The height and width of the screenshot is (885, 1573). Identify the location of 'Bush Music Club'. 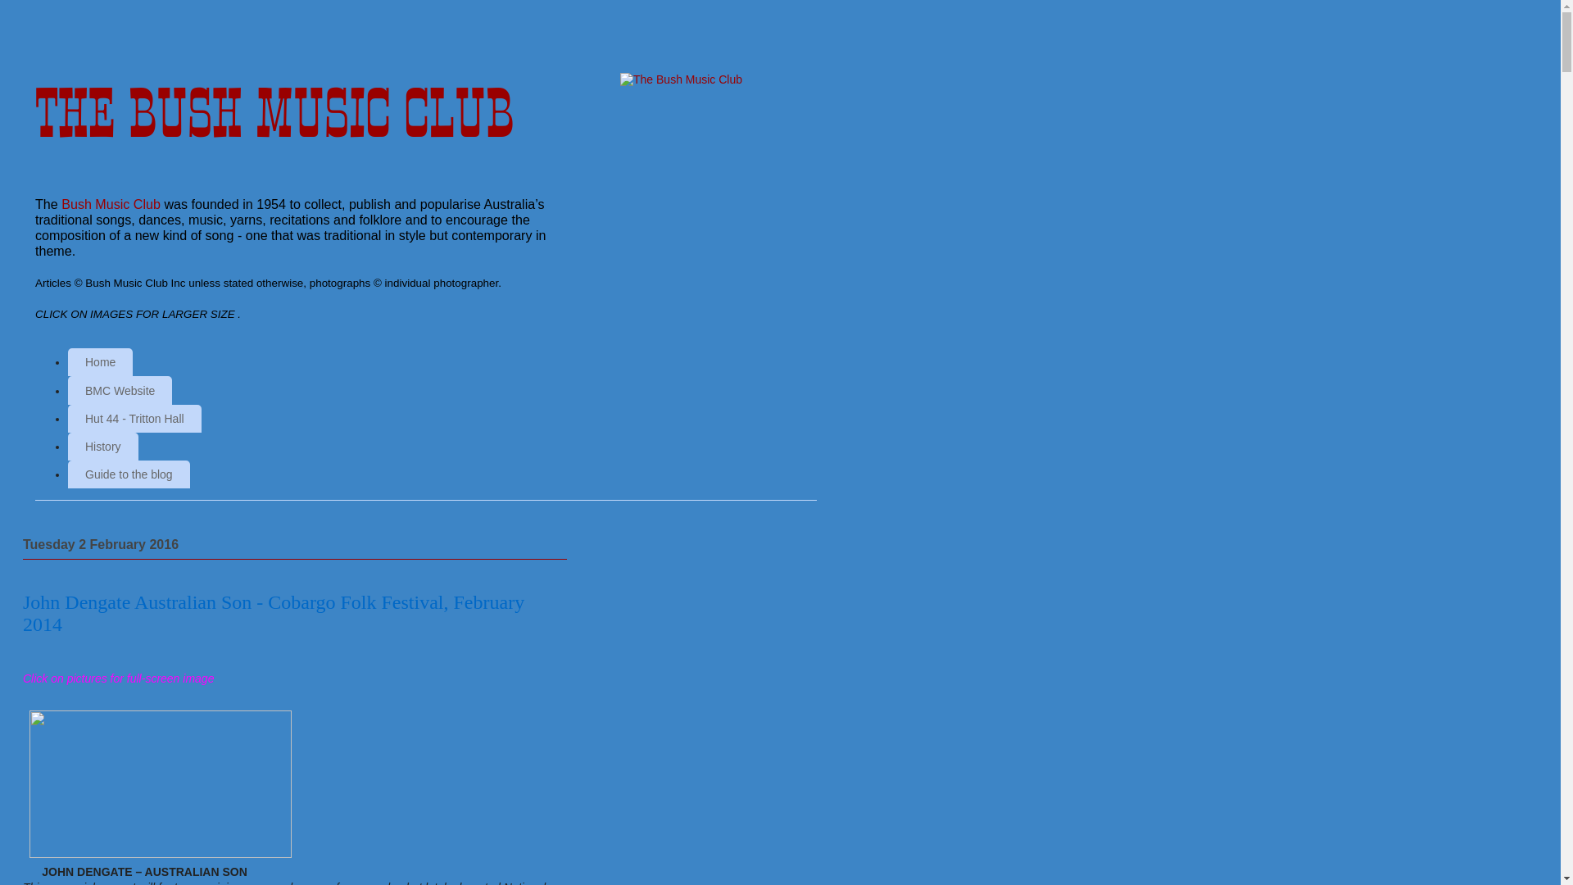
(110, 203).